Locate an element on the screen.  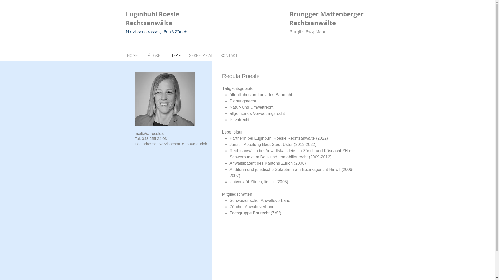
'HOME' is located at coordinates (132, 55).